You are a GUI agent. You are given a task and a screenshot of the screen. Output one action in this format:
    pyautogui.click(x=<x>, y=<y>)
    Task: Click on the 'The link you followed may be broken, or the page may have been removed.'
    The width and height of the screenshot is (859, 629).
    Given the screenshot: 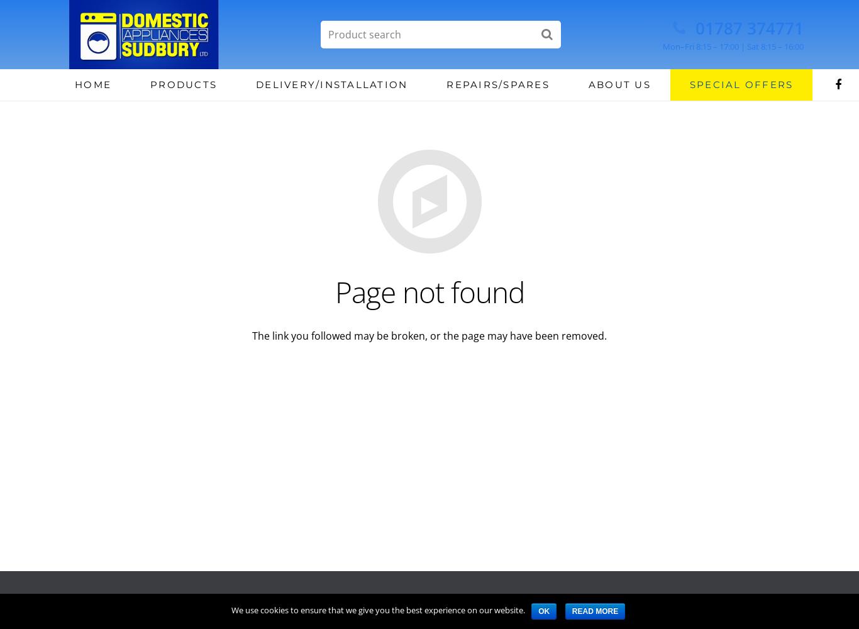 What is the action you would take?
    pyautogui.click(x=429, y=336)
    